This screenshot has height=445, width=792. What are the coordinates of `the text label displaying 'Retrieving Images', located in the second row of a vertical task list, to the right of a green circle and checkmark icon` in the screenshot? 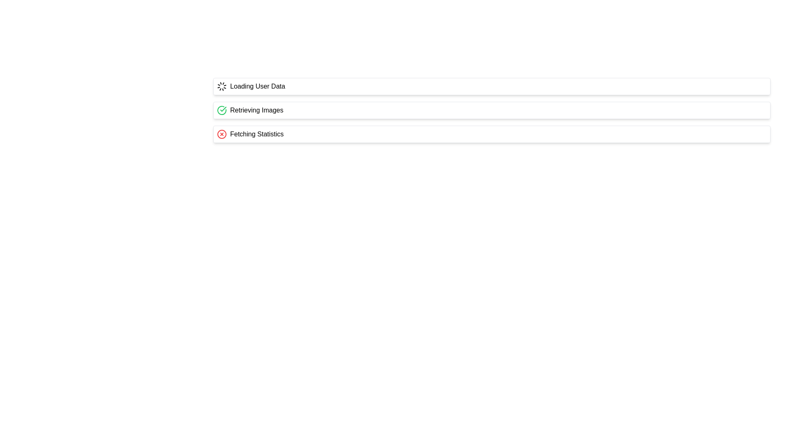 It's located at (256, 110).